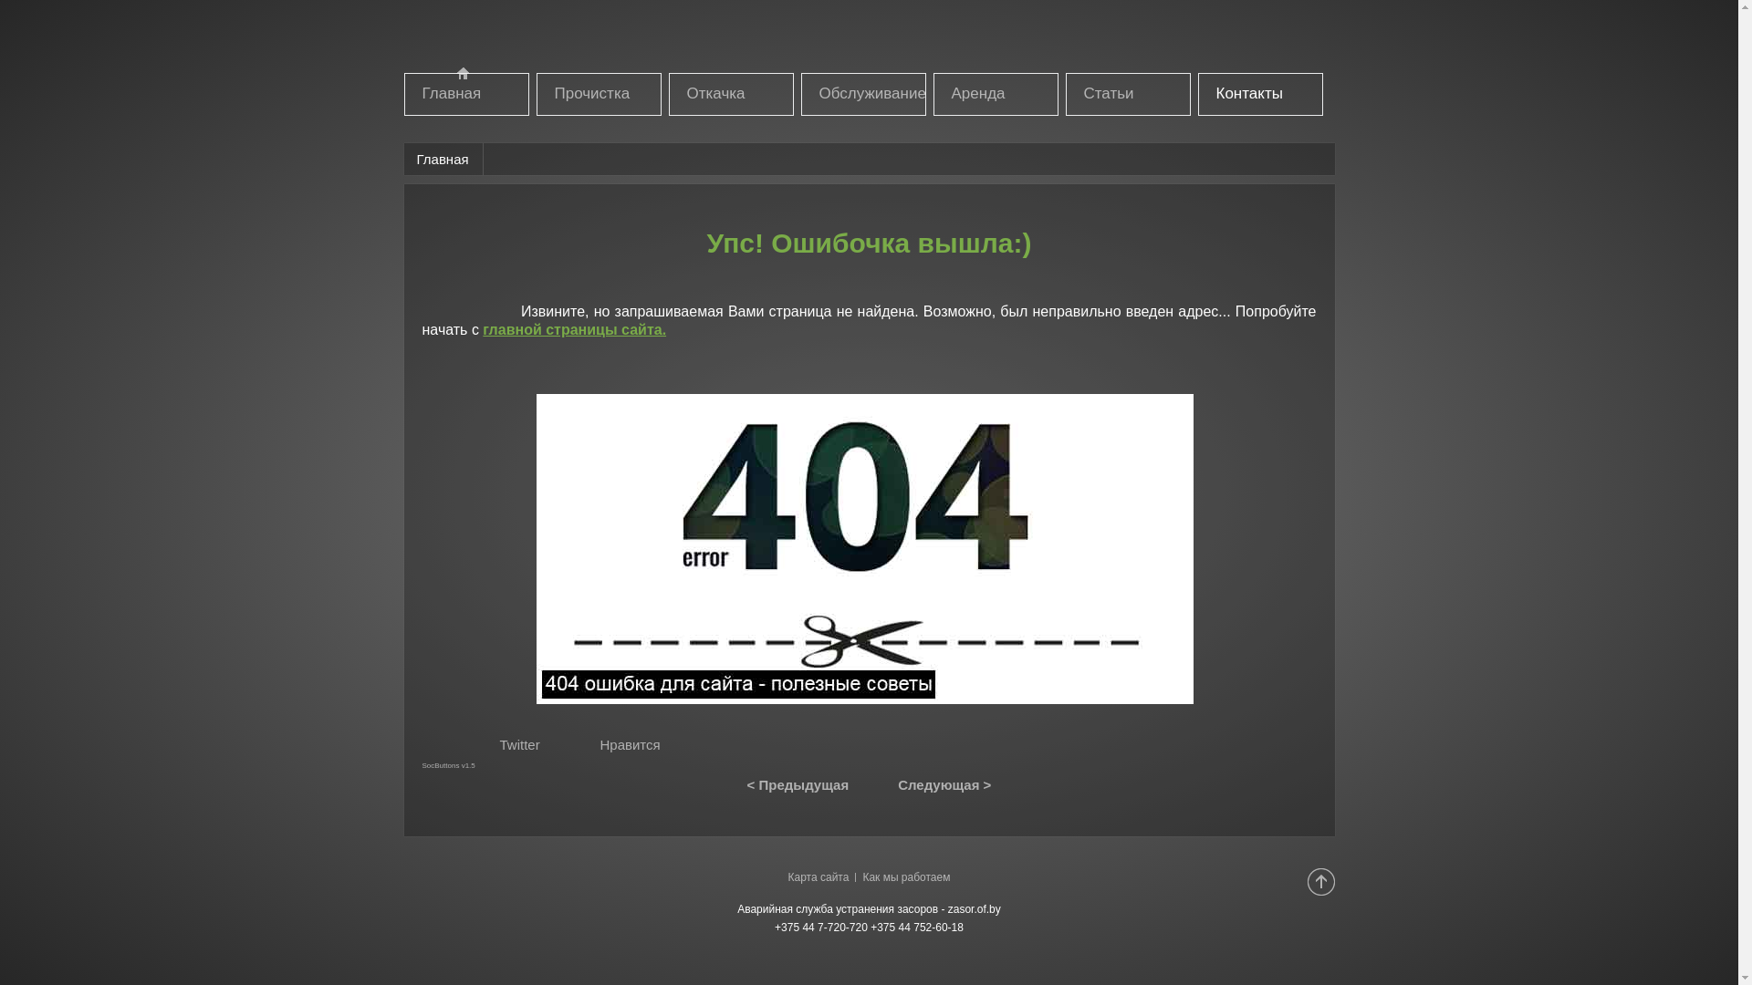 The width and height of the screenshot is (1752, 985). Describe the element at coordinates (447, 765) in the screenshot. I see `'SocButtons v1.5'` at that location.